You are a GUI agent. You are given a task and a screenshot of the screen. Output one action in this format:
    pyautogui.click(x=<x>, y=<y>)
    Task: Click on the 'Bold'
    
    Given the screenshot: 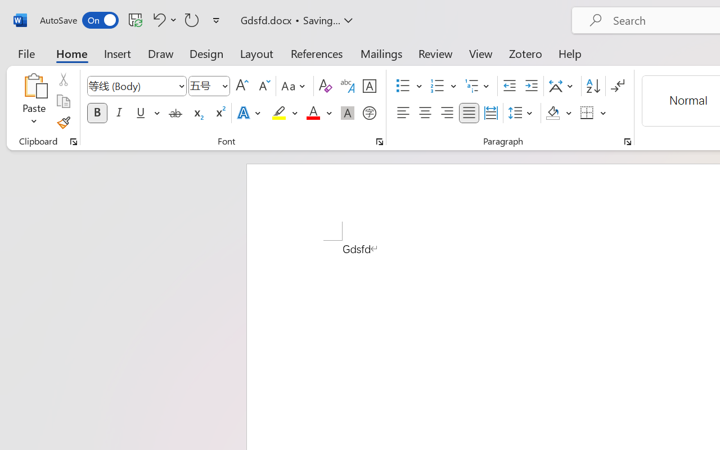 What is the action you would take?
    pyautogui.click(x=97, y=113)
    